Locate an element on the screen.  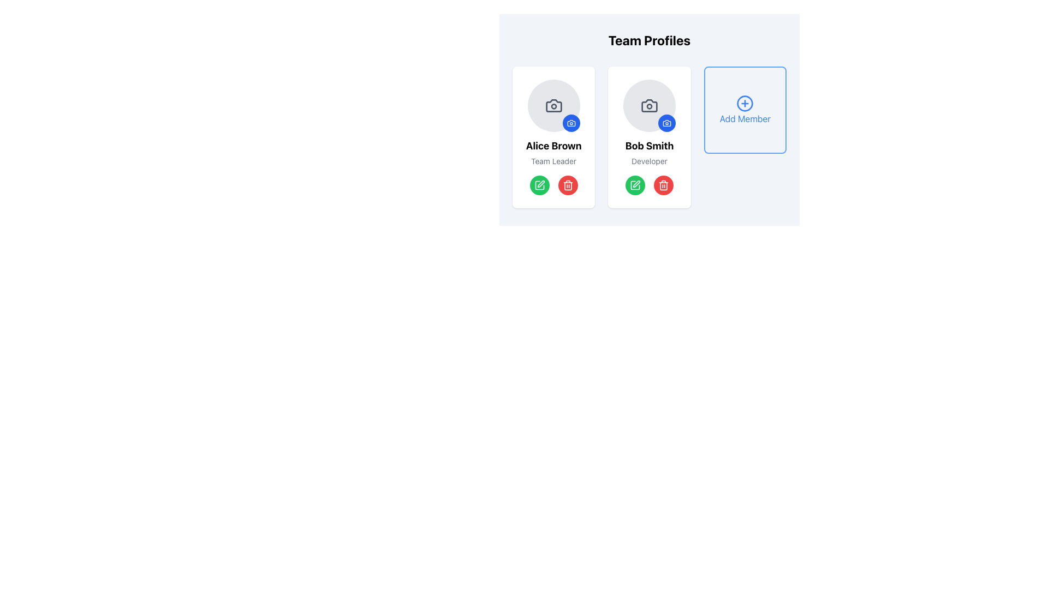
the Text label/header that serves as a title for the section containing team member profiles is located at coordinates (650, 39).